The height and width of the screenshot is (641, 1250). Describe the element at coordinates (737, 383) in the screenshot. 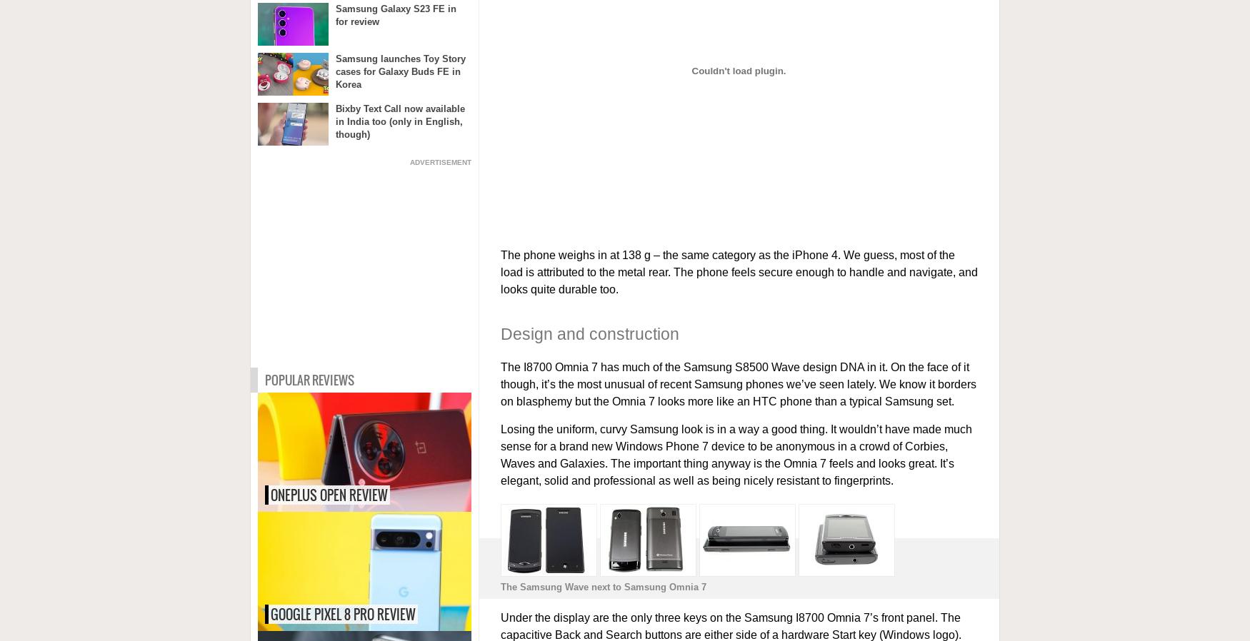

I see `'The I8700 Omnia 7 has much of the Samsung S8500 Wave design DNA in it. On the face of it though, it’s the most unusual of recent Samsung phones we’ve seen lately. We know it borders on blasphemy but the Omnia 7 looks more like an HTC phone than a typical Samsung set.'` at that location.